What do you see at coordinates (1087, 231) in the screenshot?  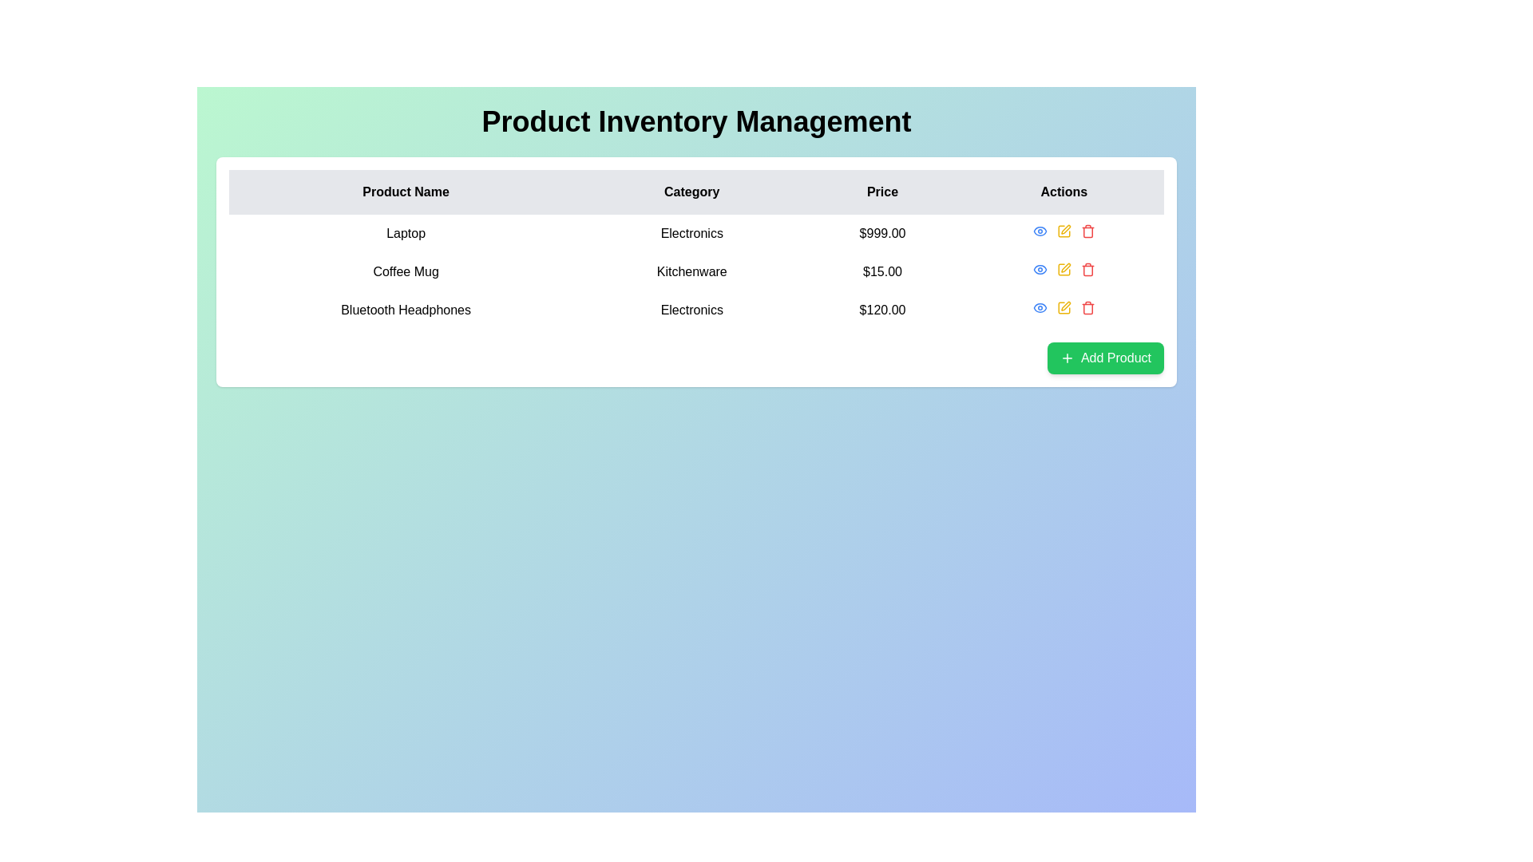 I see `the red trash icon button in the 'Actions' column associated with the first row labeled 'Laptop'` at bounding box center [1087, 231].